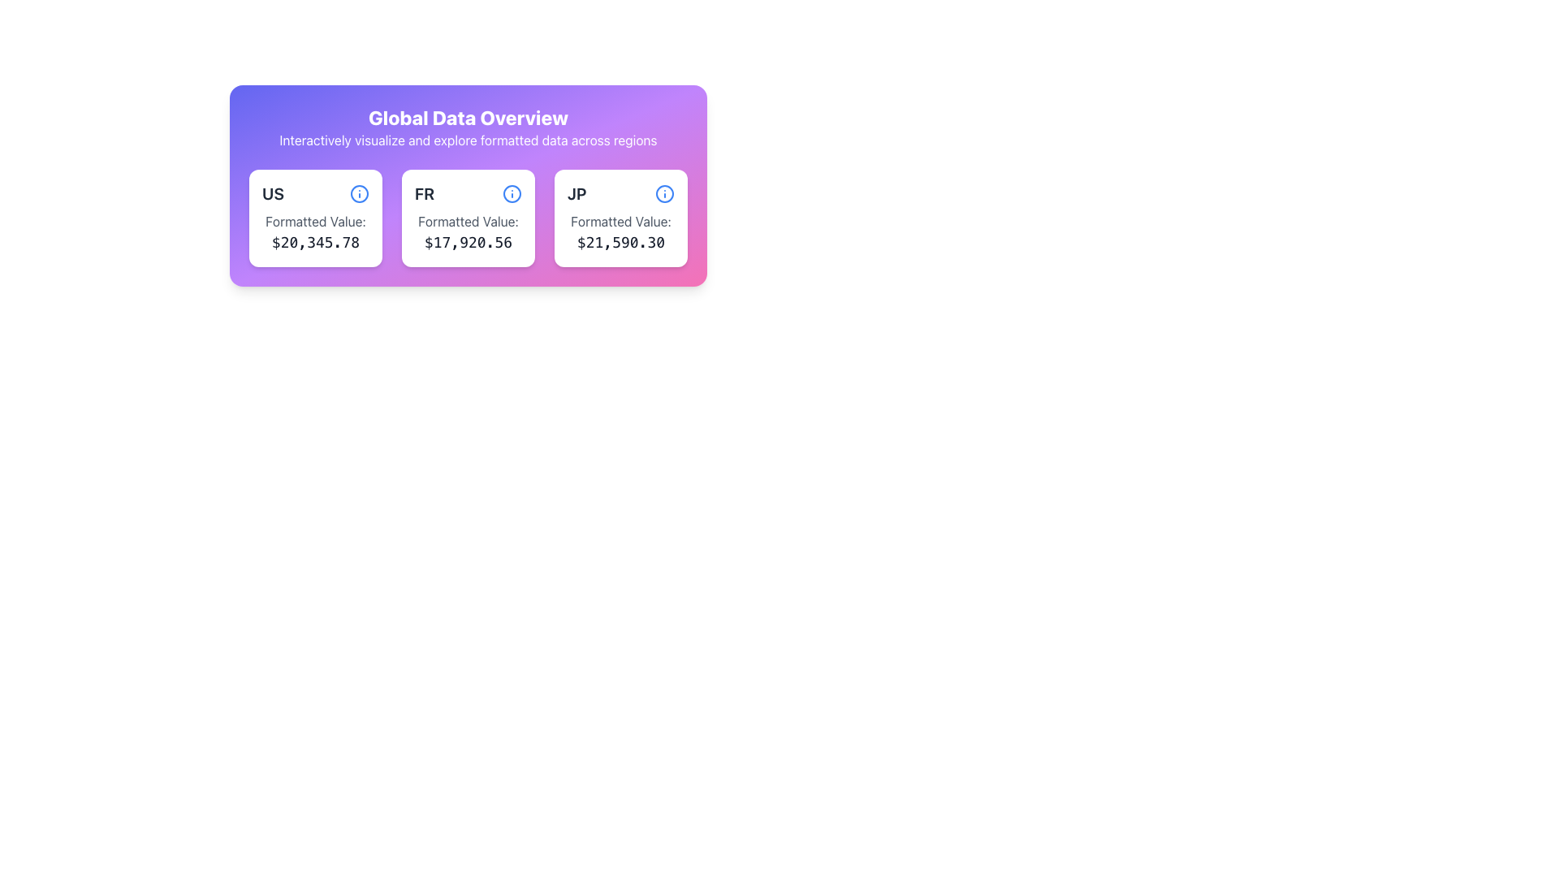 This screenshot has height=877, width=1559. What do you see at coordinates (577, 193) in the screenshot?
I see `text element 'JP' which serves as an identifier for the Japan card located in the third card from the left` at bounding box center [577, 193].